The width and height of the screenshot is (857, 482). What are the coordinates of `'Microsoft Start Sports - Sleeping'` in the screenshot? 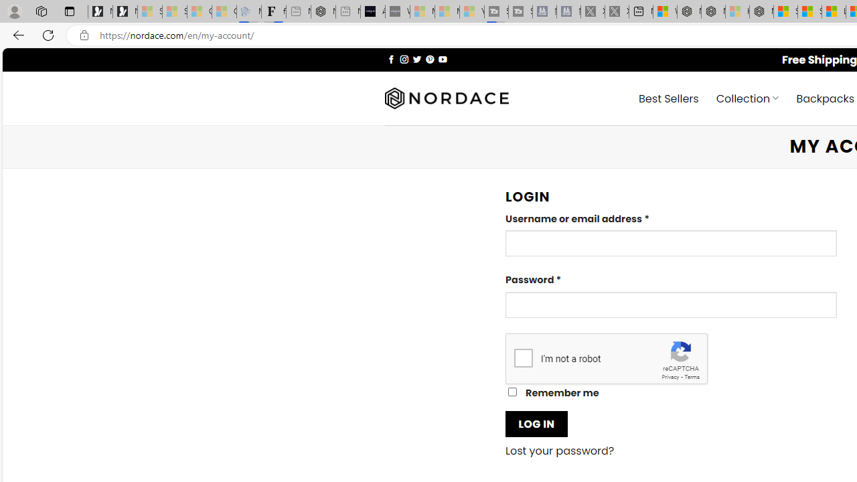 It's located at (422, 11).